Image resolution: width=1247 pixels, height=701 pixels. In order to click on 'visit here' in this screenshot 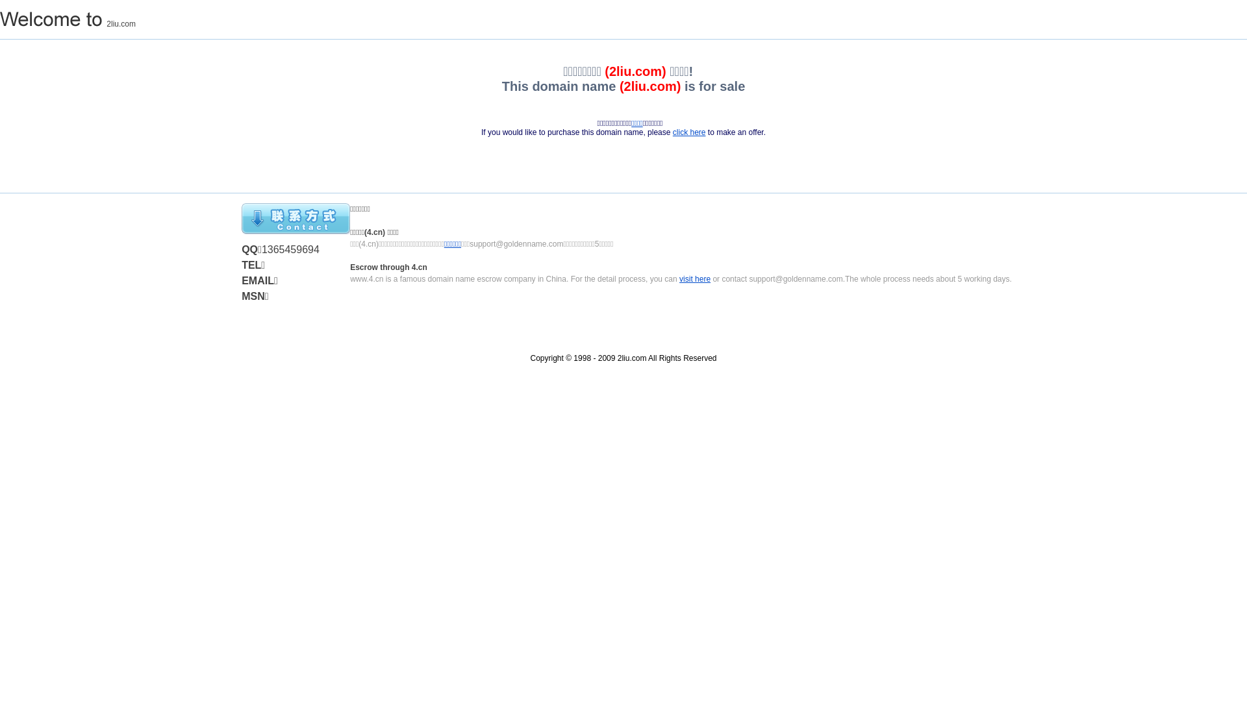, I will do `click(679, 278)`.